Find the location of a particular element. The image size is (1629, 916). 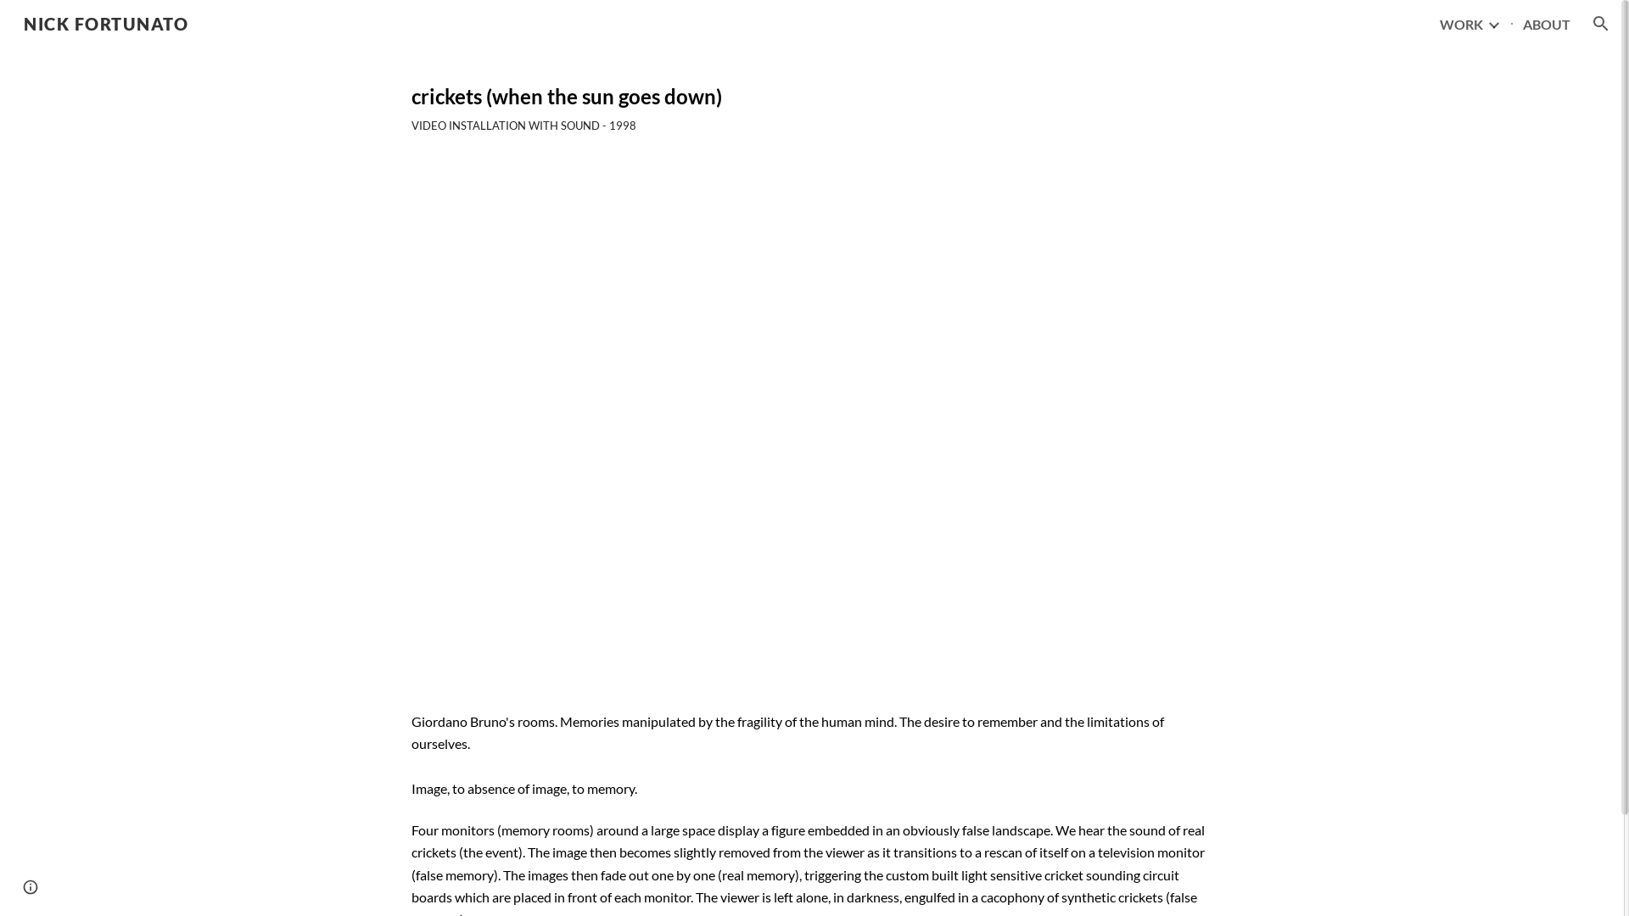

'WORK' is located at coordinates (1460, 23).